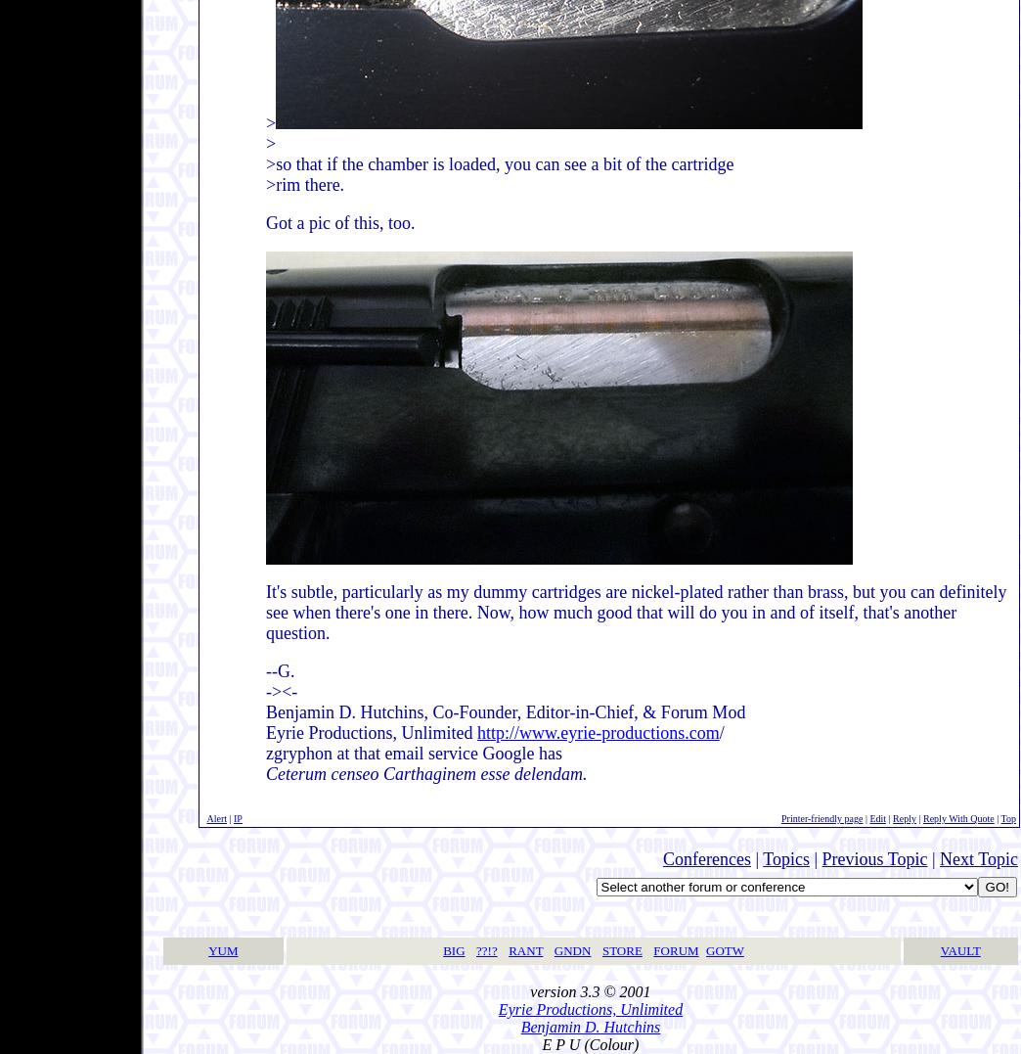  What do you see at coordinates (939, 950) in the screenshot?
I see `'VAULT'` at bounding box center [939, 950].